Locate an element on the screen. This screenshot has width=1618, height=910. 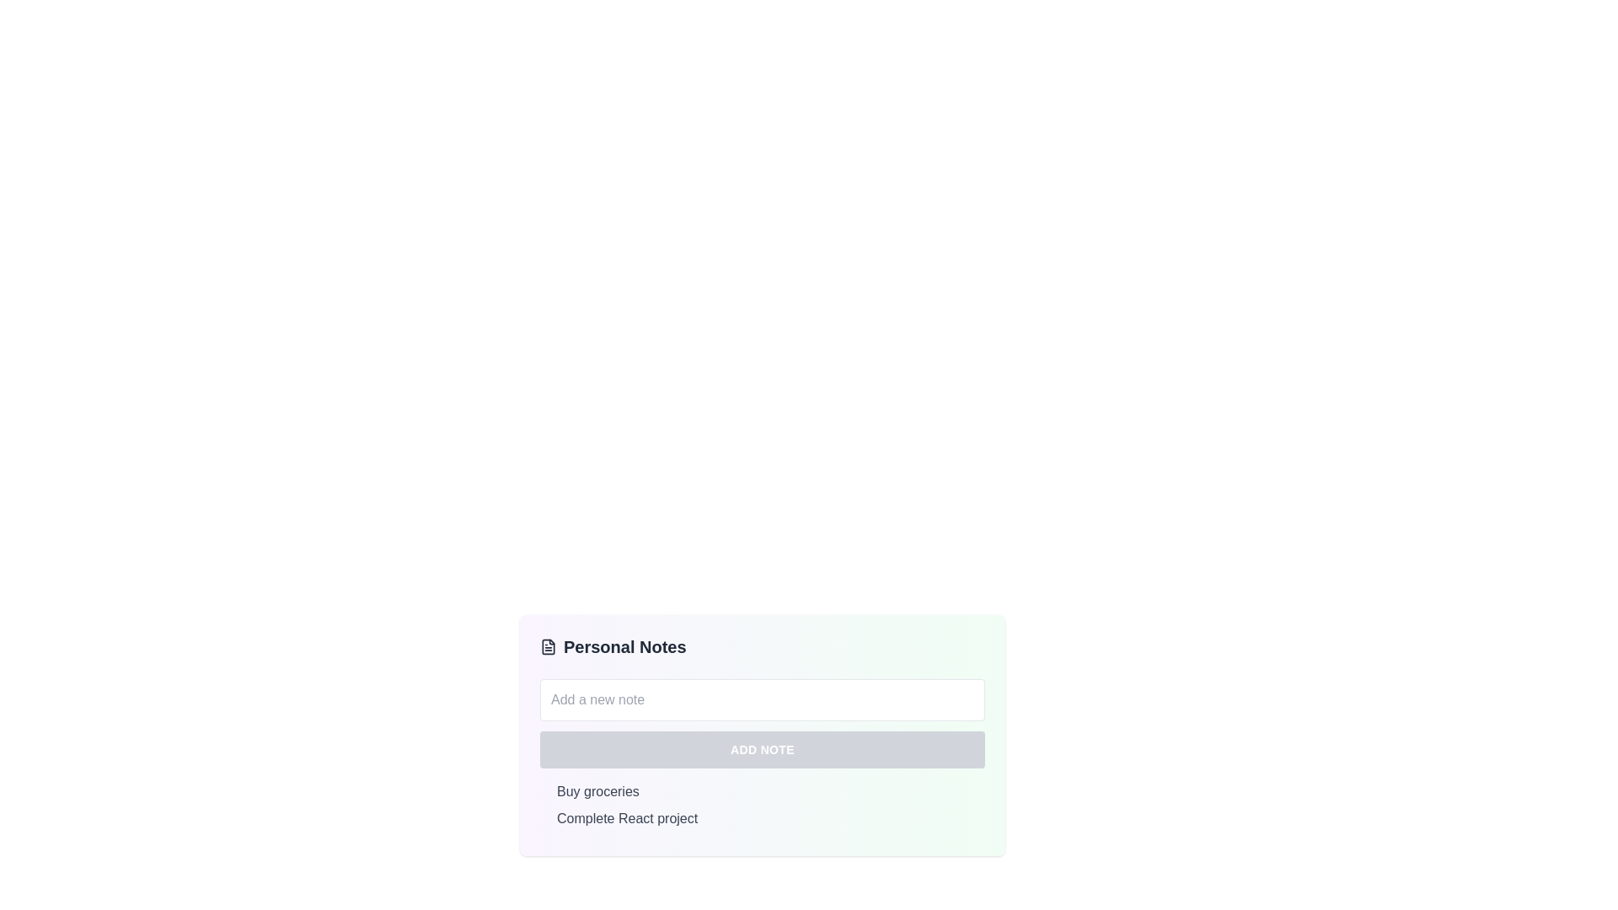
the icon representing a document or file that accompanies the 'Personal Notes' section, located in the upper-left corner of the interface is located at coordinates (549, 645).